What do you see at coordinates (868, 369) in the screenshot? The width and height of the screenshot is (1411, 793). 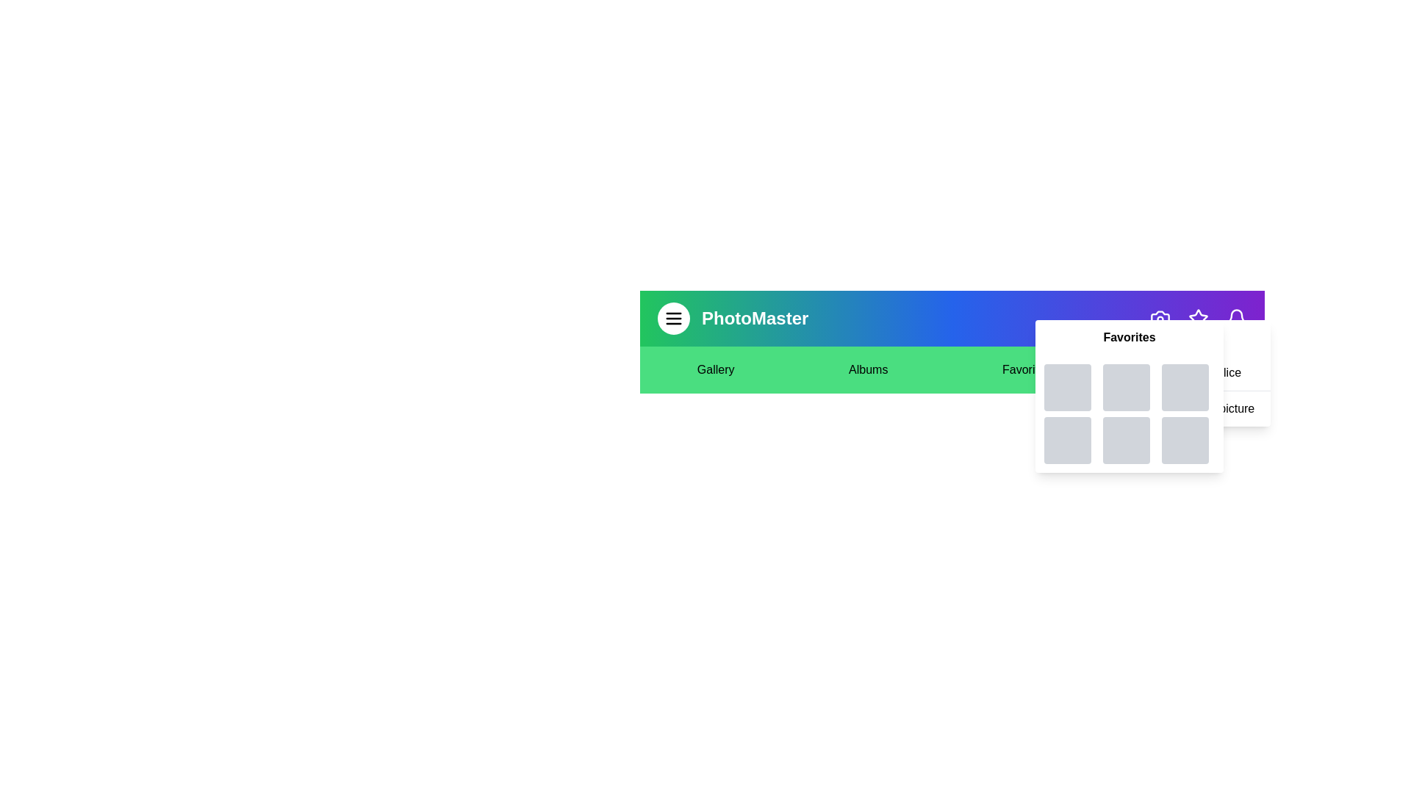 I see `the menu item Albums from the navigation bar` at bounding box center [868, 369].